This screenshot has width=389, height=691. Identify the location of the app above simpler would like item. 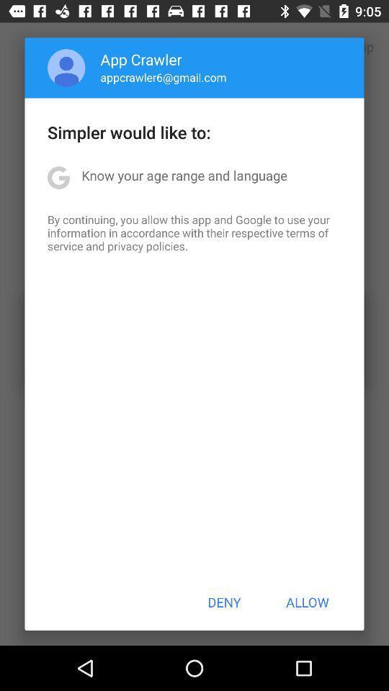
(163, 77).